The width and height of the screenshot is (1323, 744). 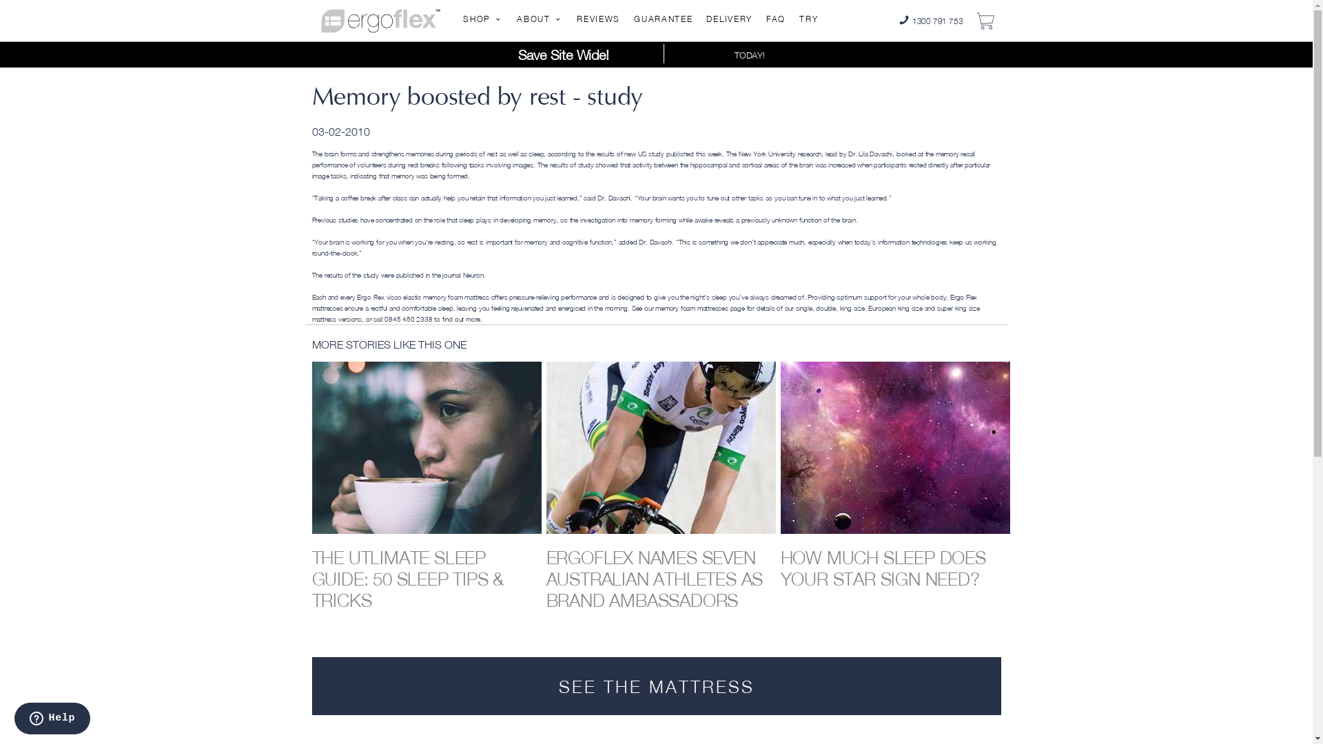 I want to click on 'DELIVERY', so click(x=728, y=19).